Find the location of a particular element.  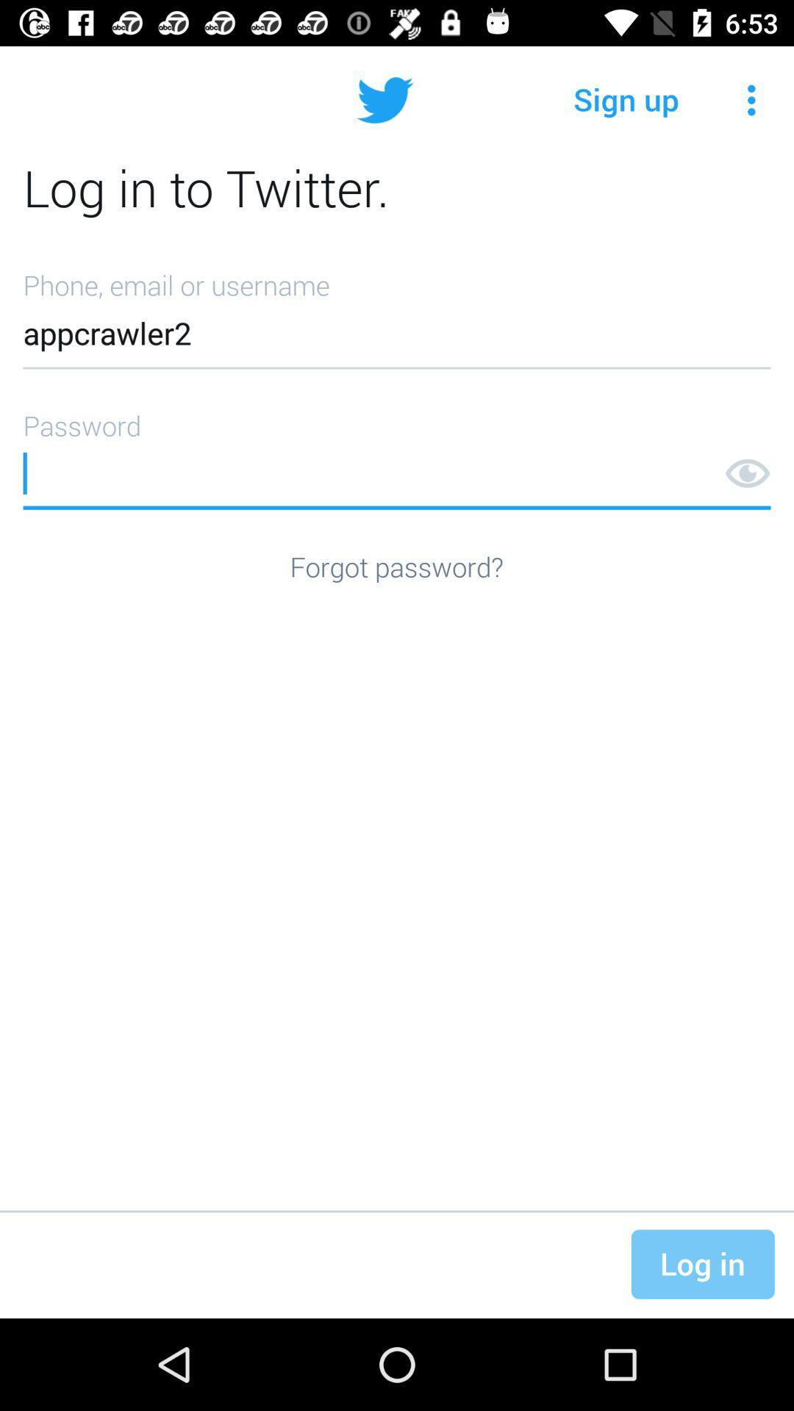

forgot password? at the center is located at coordinates (396, 566).